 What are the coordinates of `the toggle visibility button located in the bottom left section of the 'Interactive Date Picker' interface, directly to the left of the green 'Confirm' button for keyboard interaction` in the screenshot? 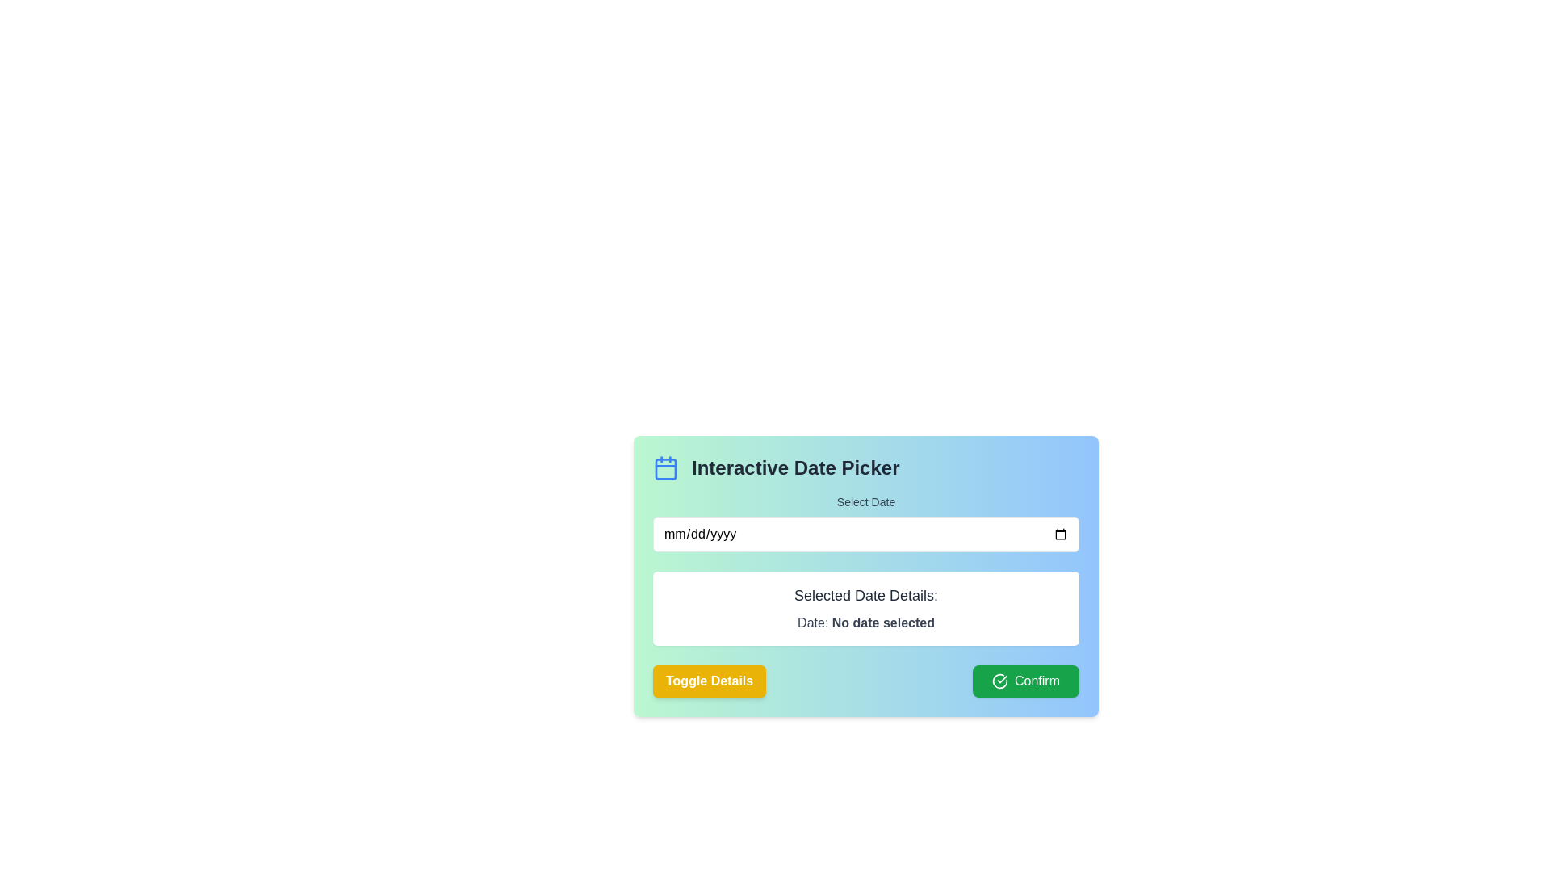 It's located at (710, 681).